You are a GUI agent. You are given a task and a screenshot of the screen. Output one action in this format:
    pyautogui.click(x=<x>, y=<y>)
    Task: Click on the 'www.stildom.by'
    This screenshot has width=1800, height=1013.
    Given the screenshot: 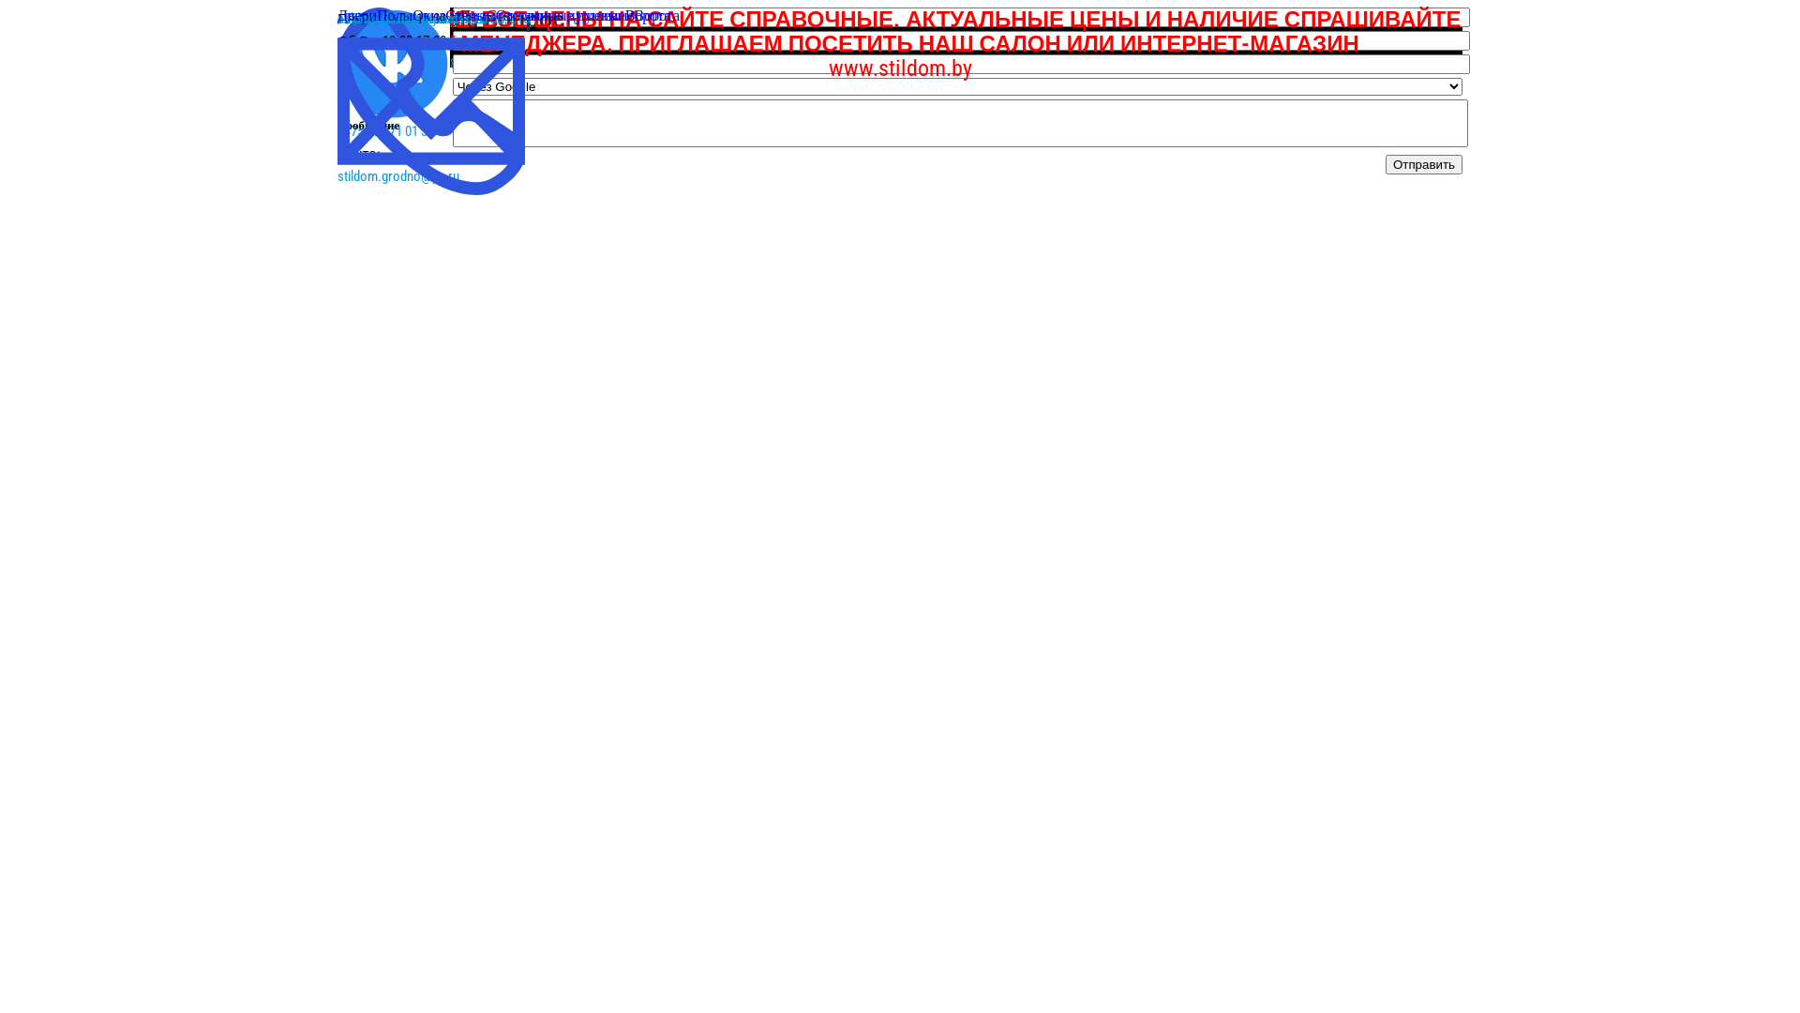 What is the action you would take?
    pyautogui.click(x=900, y=68)
    